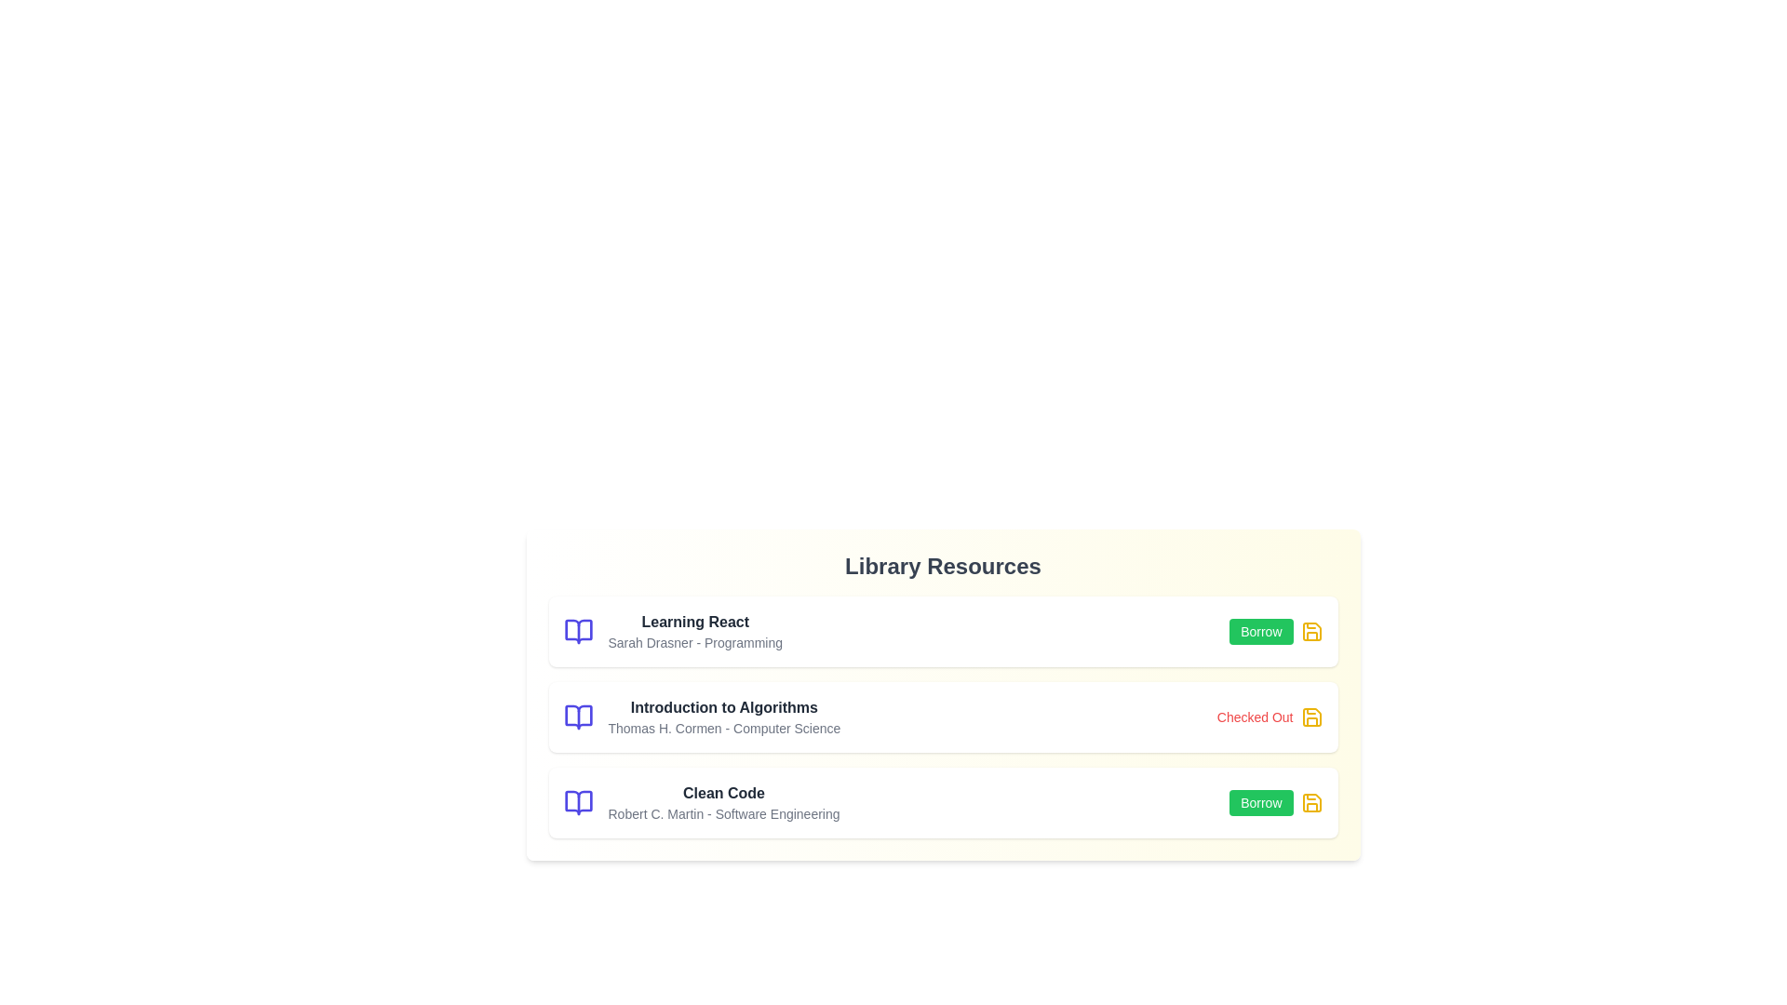 The height and width of the screenshot is (1005, 1787). Describe the element at coordinates (1310, 630) in the screenshot. I see `'Save' icon for the resource titled 'Learning React'` at that location.